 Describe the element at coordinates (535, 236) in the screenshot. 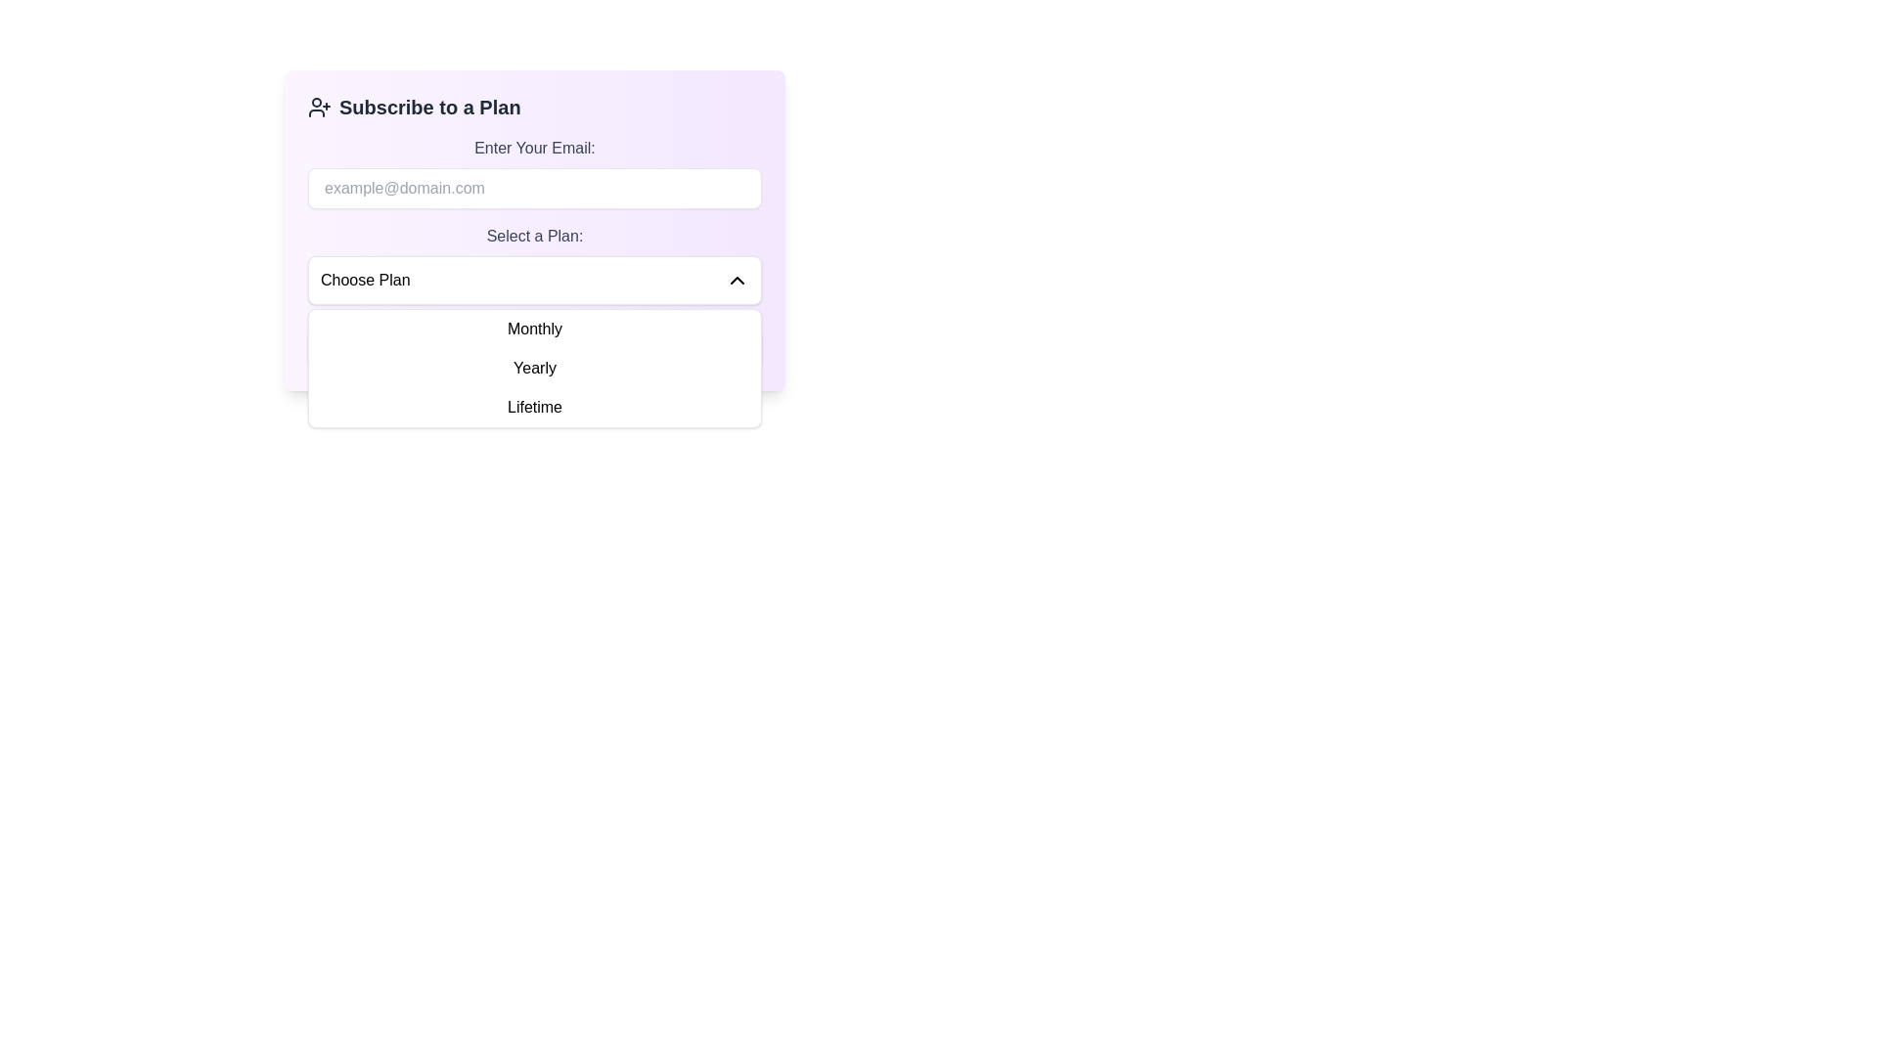

I see `the text label that reads 'Select a Plan:', which is styled in gray and located within a form, positioned below the 'Enter Your Email:' label and above the 'Choose Plan' dropdown` at that location.